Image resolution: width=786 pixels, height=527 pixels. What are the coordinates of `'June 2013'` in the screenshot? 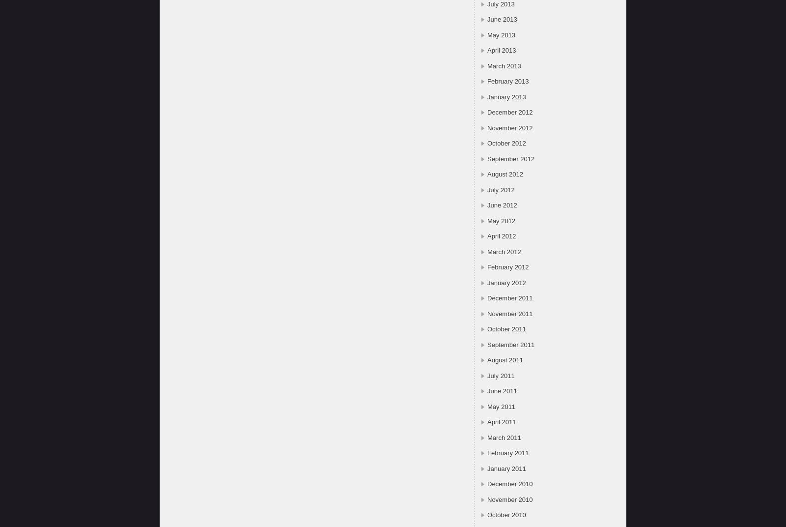 It's located at (487, 19).